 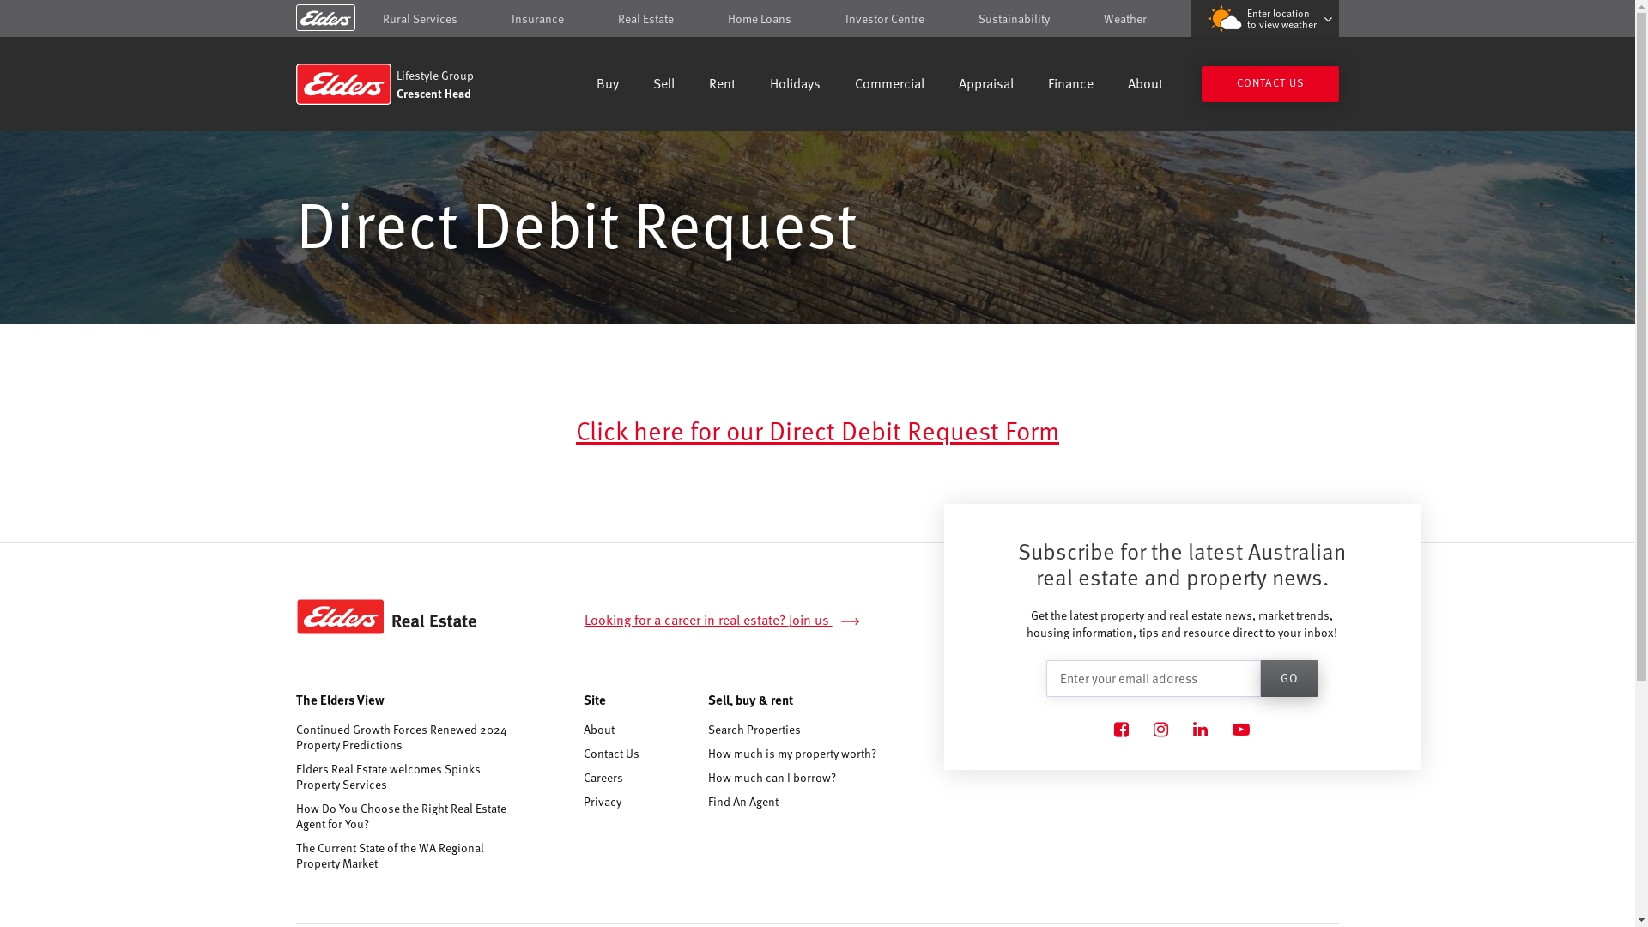 What do you see at coordinates (1289, 677) in the screenshot?
I see `'Go'` at bounding box center [1289, 677].